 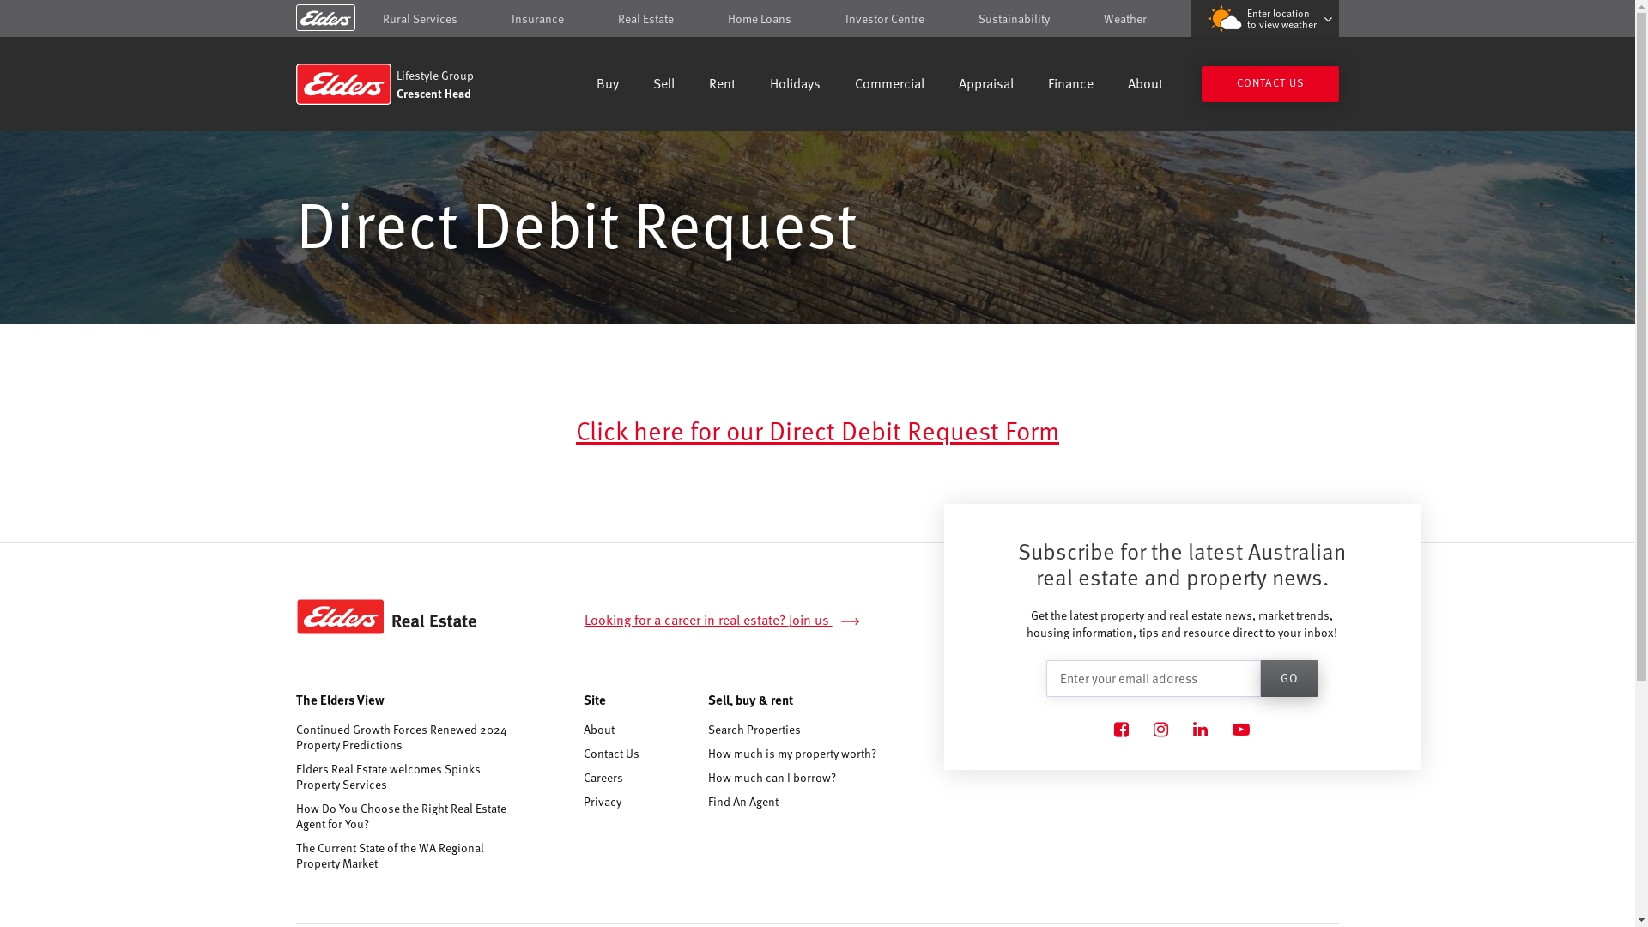 What do you see at coordinates (1289, 677) in the screenshot?
I see `'Go'` at bounding box center [1289, 677].